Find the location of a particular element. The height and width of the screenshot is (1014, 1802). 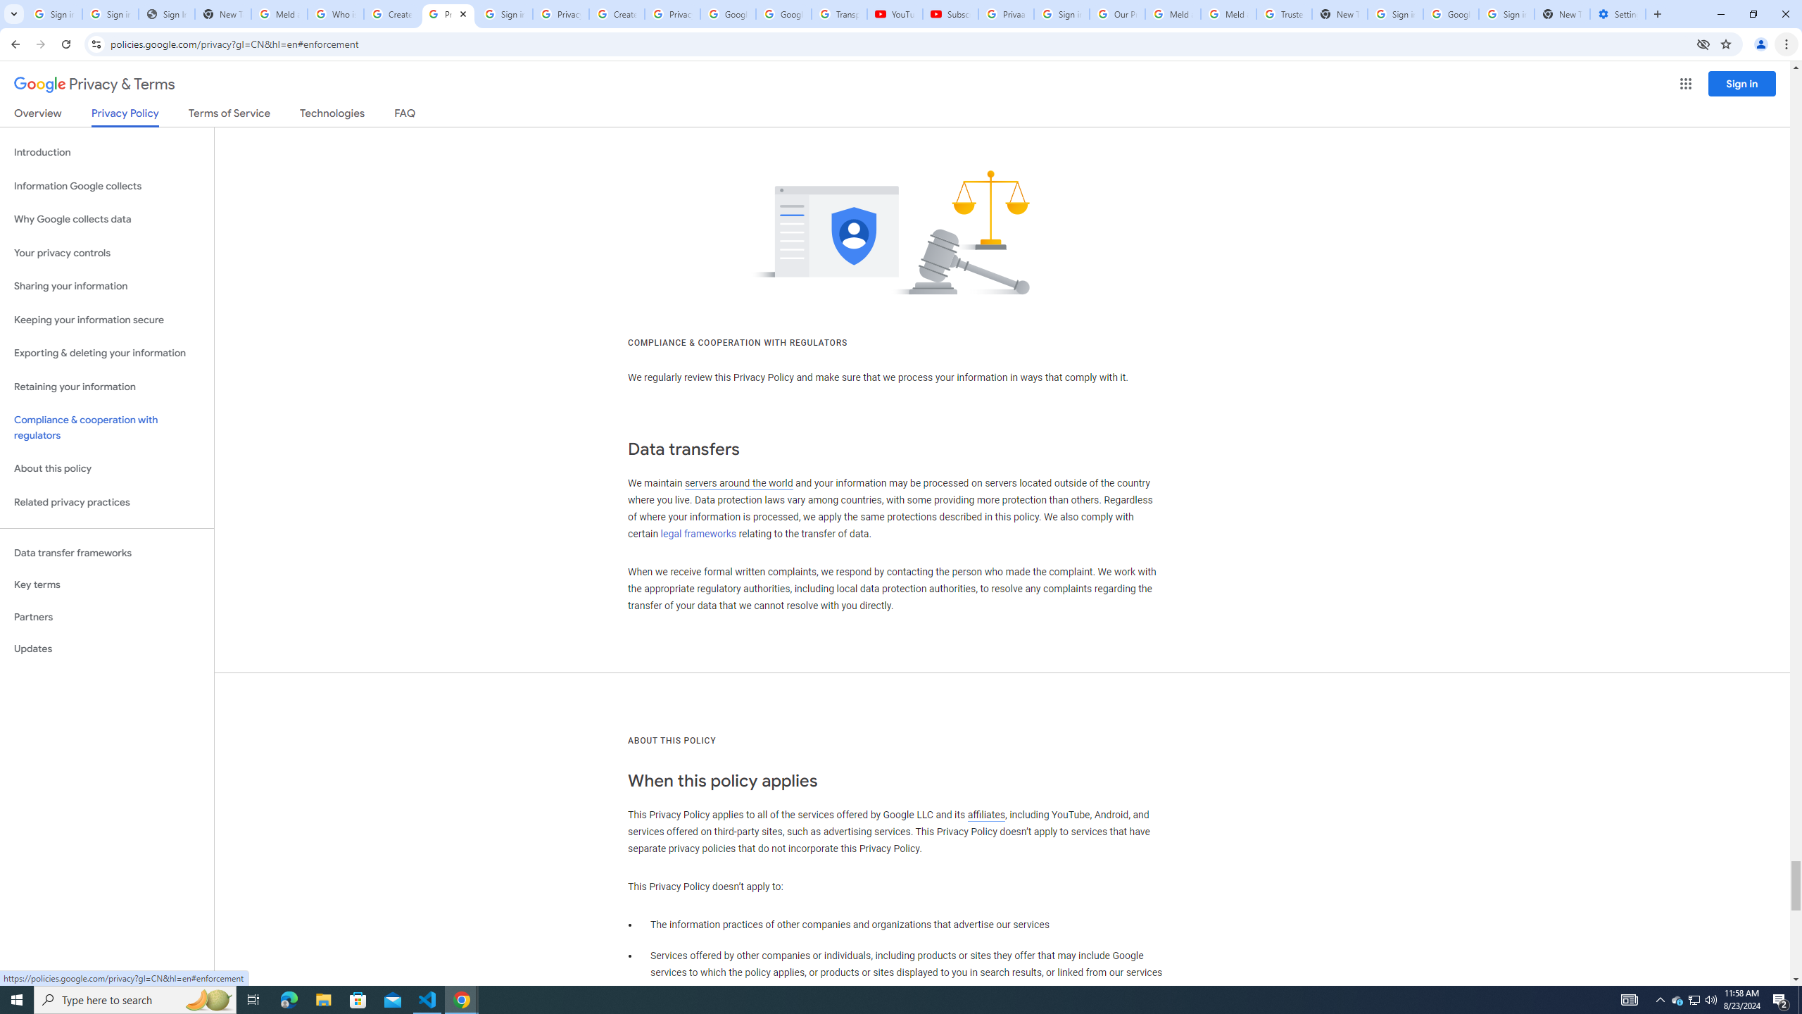

'New Tab' is located at coordinates (1561, 13).